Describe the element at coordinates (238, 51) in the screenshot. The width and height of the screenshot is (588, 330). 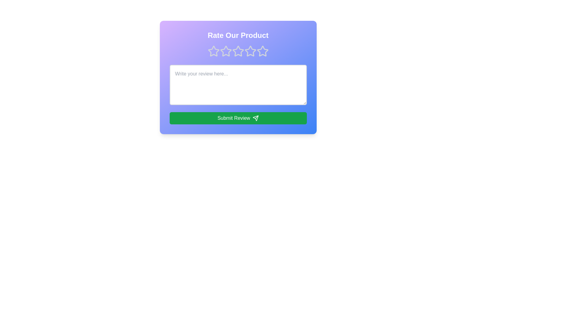
I see `the second star-shaped icon in the rating row beneath the 'Rate Our Product' header` at that location.